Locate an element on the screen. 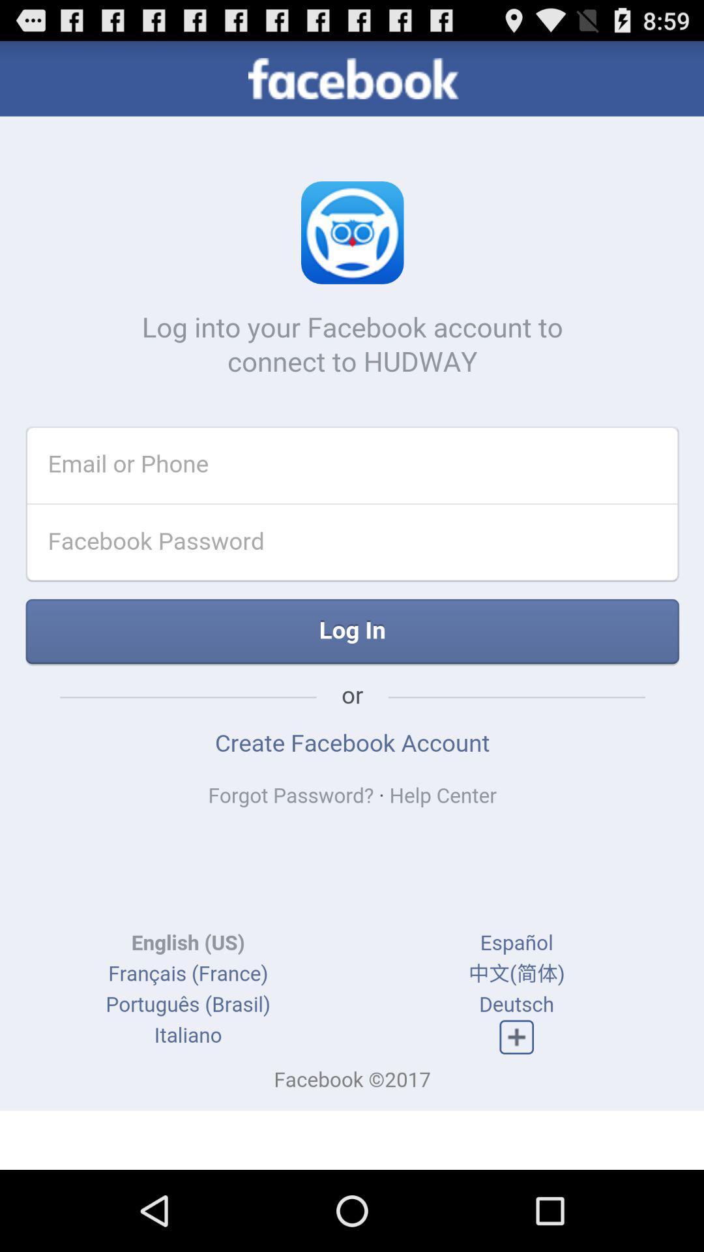  the text which is immediately below facebook password is located at coordinates (352, 636).